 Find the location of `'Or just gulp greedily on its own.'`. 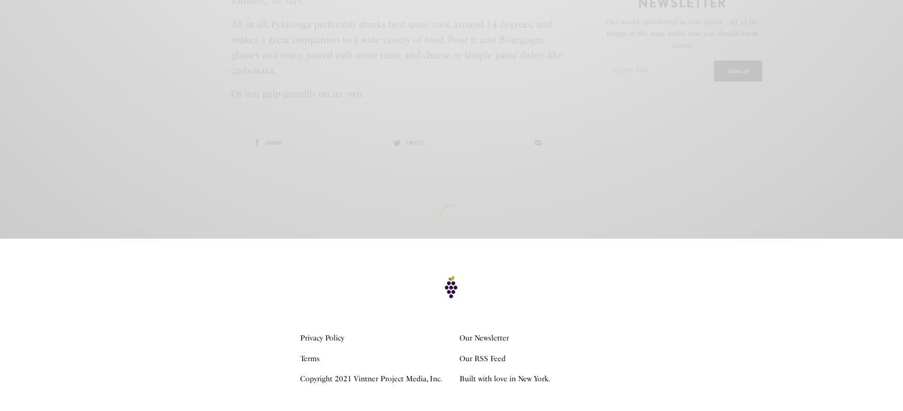

'Or just gulp greedily on its own.' is located at coordinates (297, 94).